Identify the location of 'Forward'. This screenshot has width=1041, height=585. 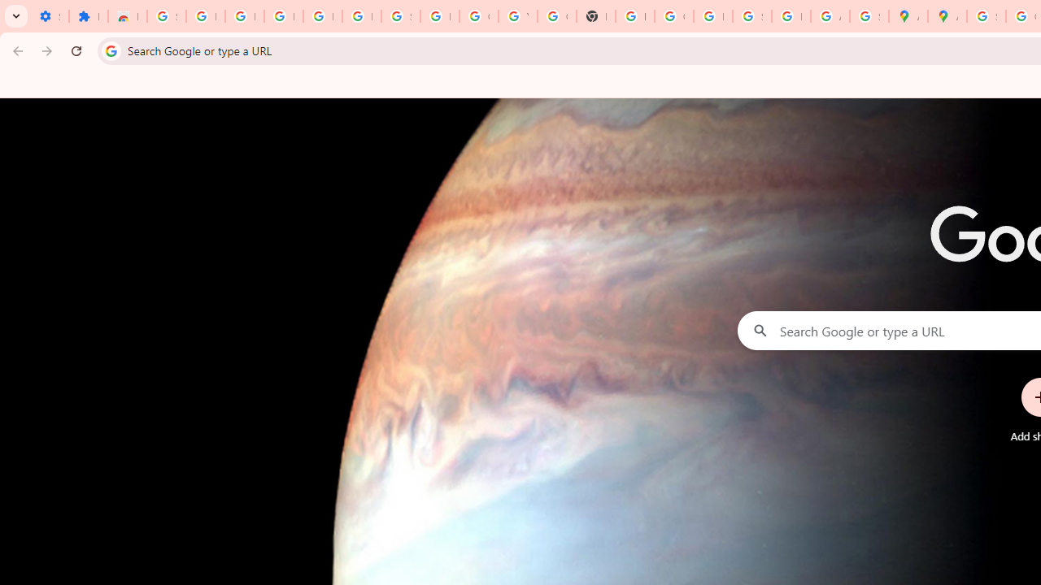
(47, 50).